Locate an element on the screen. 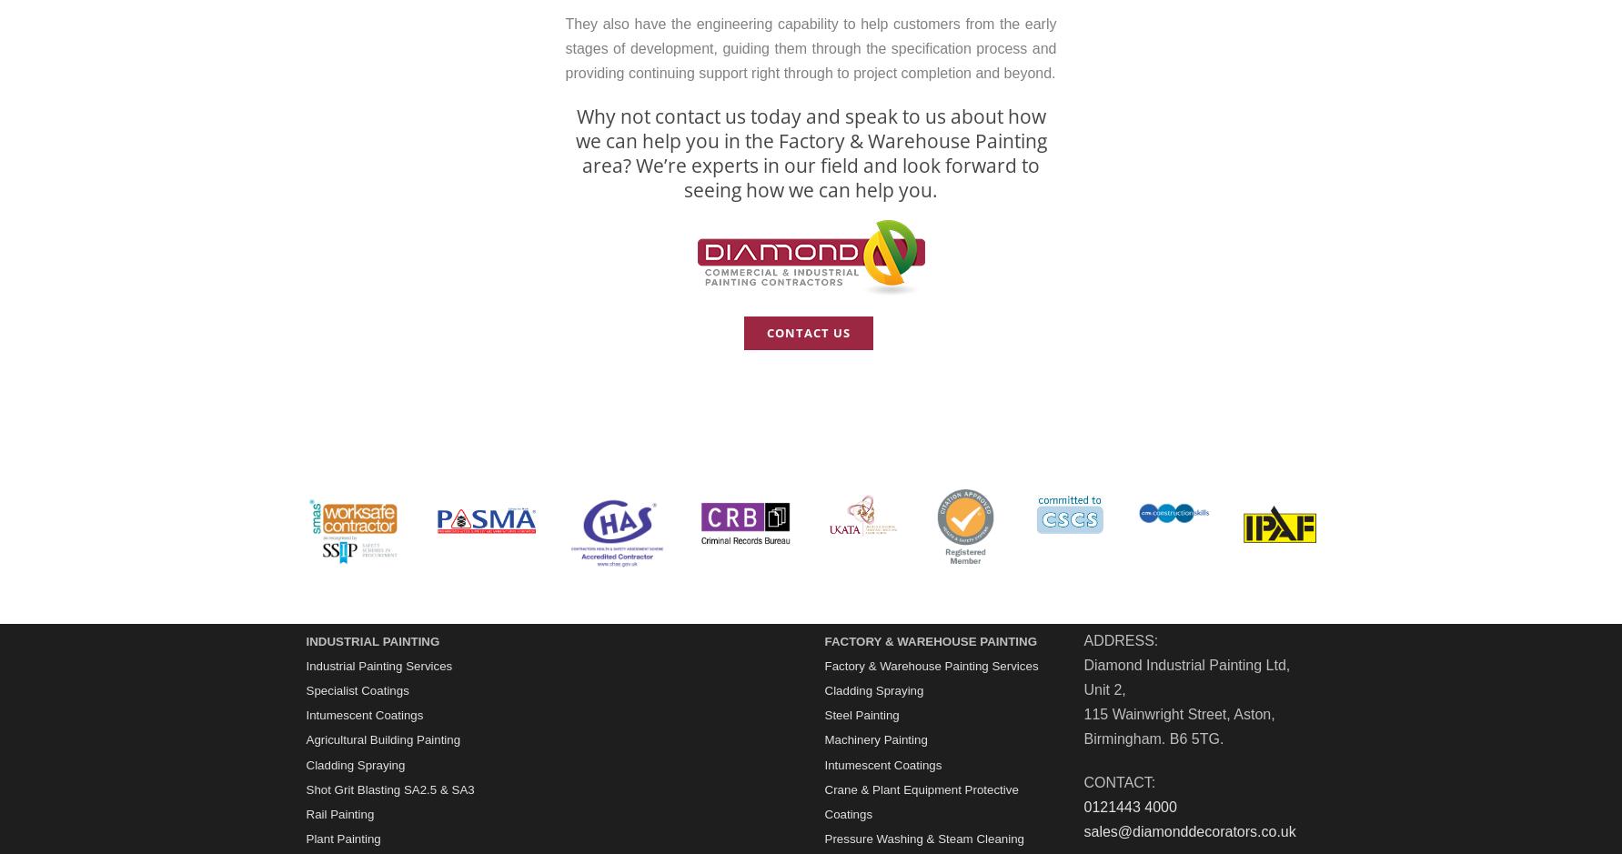 Image resolution: width=1622 pixels, height=854 pixels. 'INDUSTRIAL PAINTING' is located at coordinates (372, 639).